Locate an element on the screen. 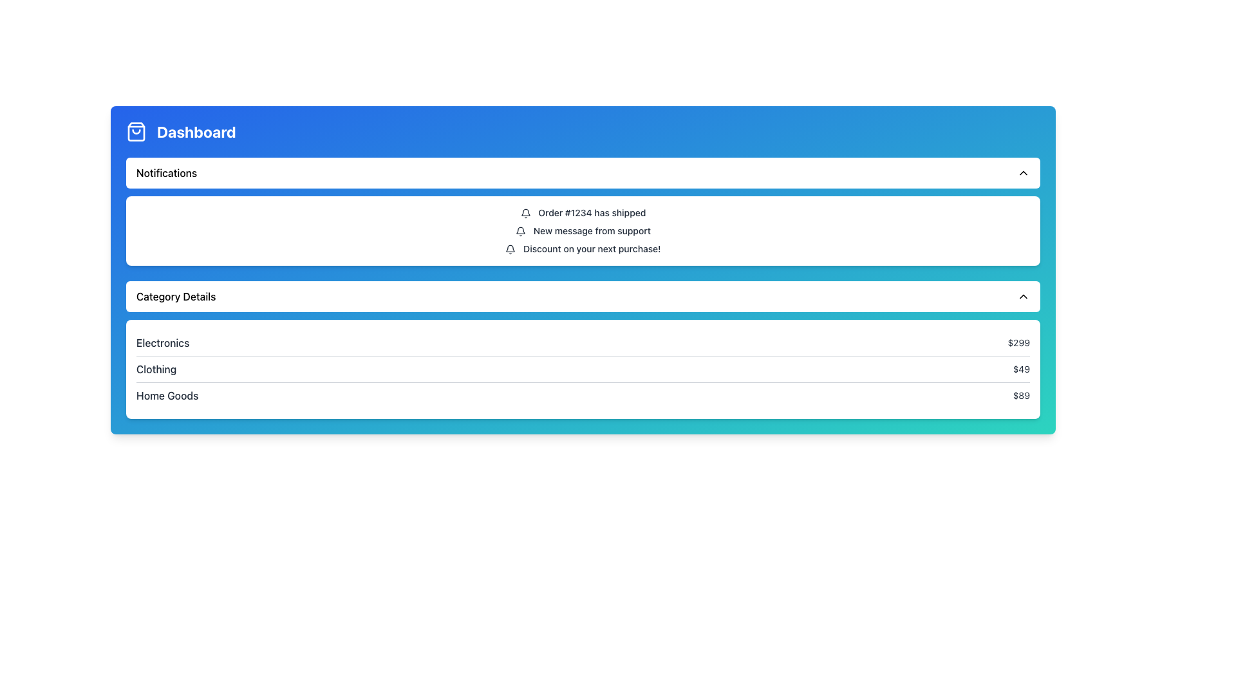  the promotional offer notification text located in the upper half of the interface under the 'Notifications' header is located at coordinates (583, 248).